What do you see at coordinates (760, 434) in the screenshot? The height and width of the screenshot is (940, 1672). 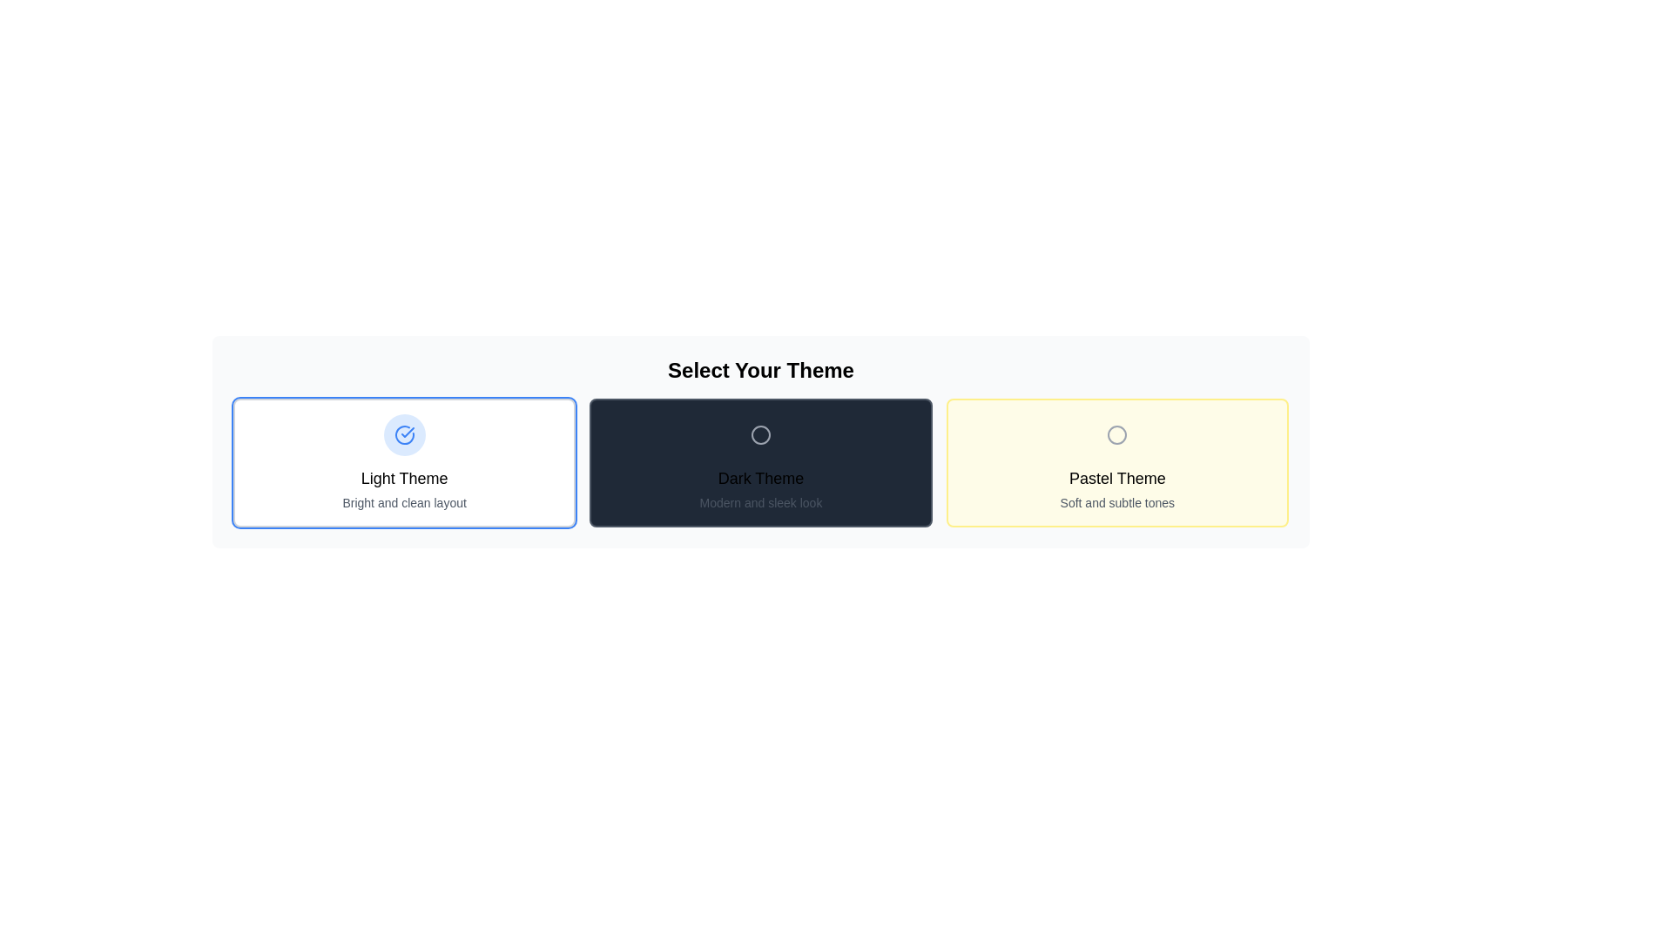 I see `the circular icon with a hollow center and a thin gray border` at bounding box center [760, 434].